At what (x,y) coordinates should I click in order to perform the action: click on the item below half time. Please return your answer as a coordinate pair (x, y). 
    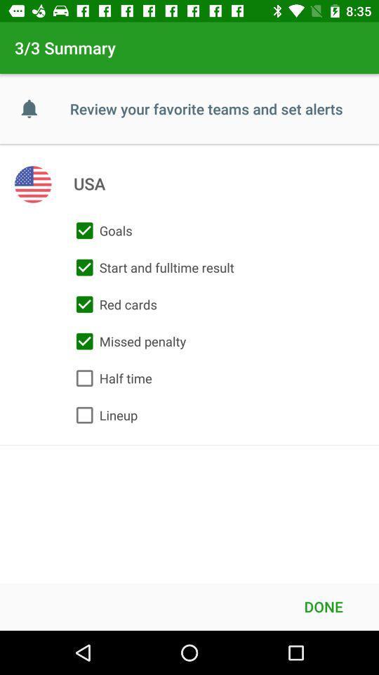
    Looking at the image, I should click on (102, 415).